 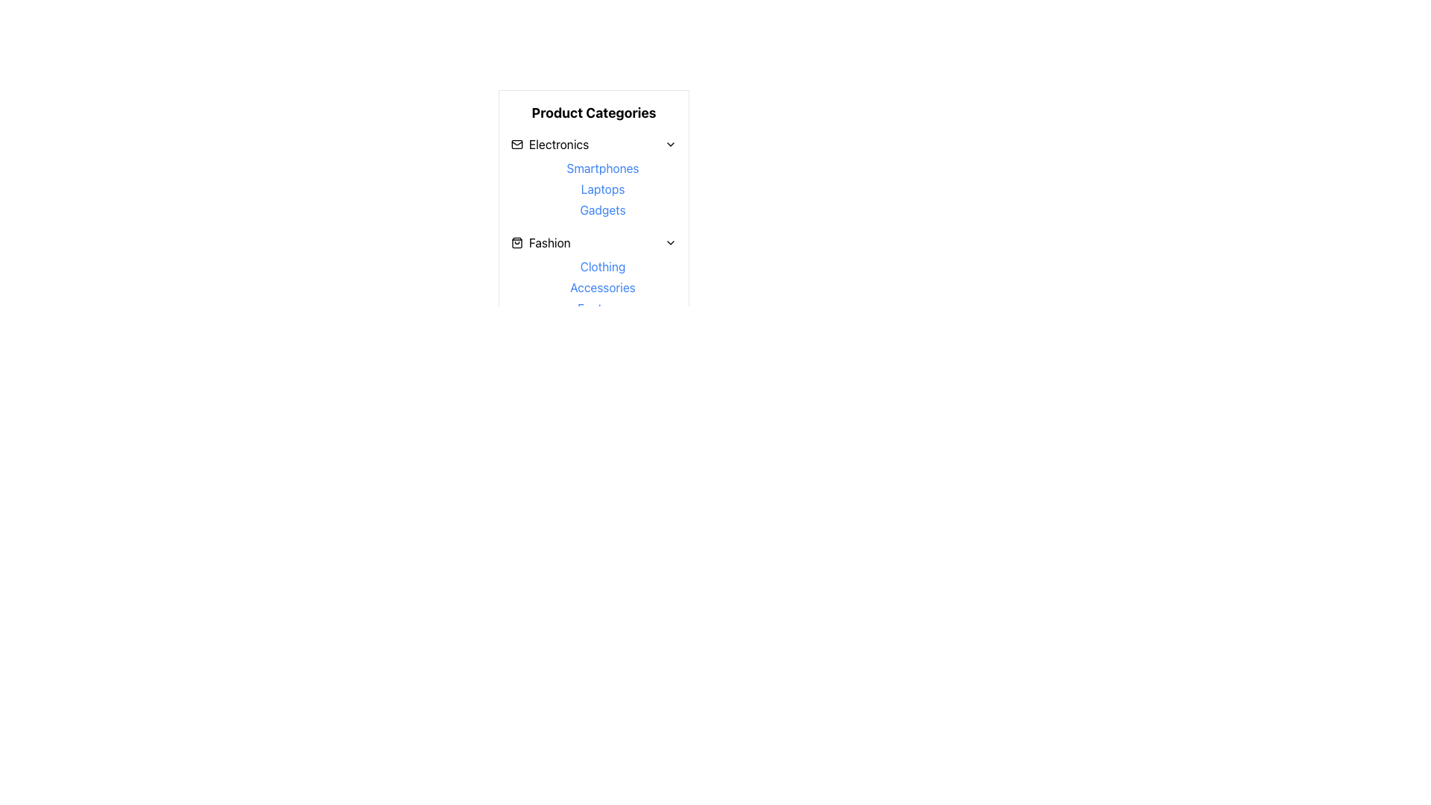 What do you see at coordinates (540, 242) in the screenshot?
I see `the 'Fashion' category label` at bounding box center [540, 242].